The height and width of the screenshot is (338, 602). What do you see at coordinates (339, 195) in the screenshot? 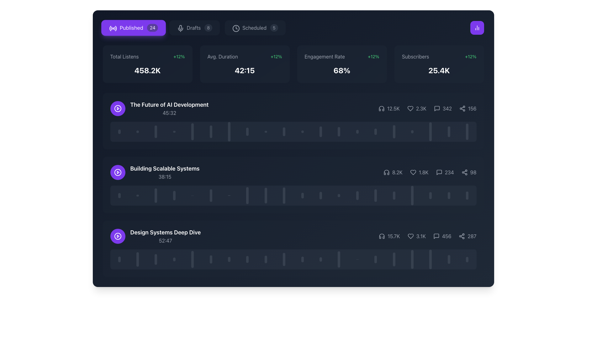
I see `the 13th vertical bar chart column element from the left, which is gray and semi-transparent, located beneath the 'Building Scalable Systems' podcast entry` at bounding box center [339, 195].